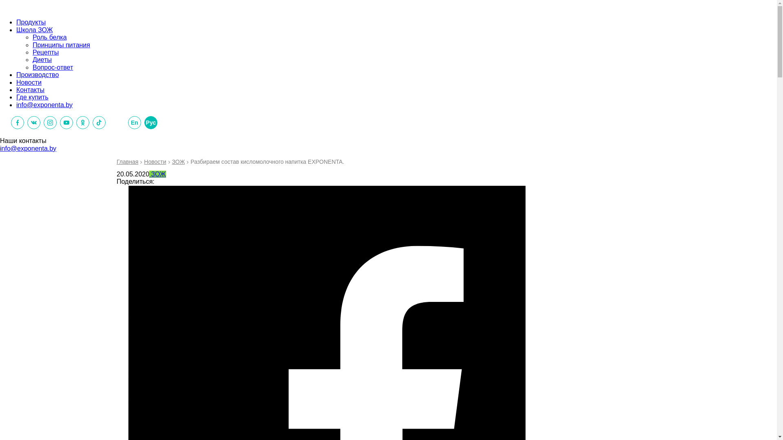 This screenshot has width=783, height=440. Describe the element at coordinates (28, 148) in the screenshot. I see `'info@exponenta.by'` at that location.